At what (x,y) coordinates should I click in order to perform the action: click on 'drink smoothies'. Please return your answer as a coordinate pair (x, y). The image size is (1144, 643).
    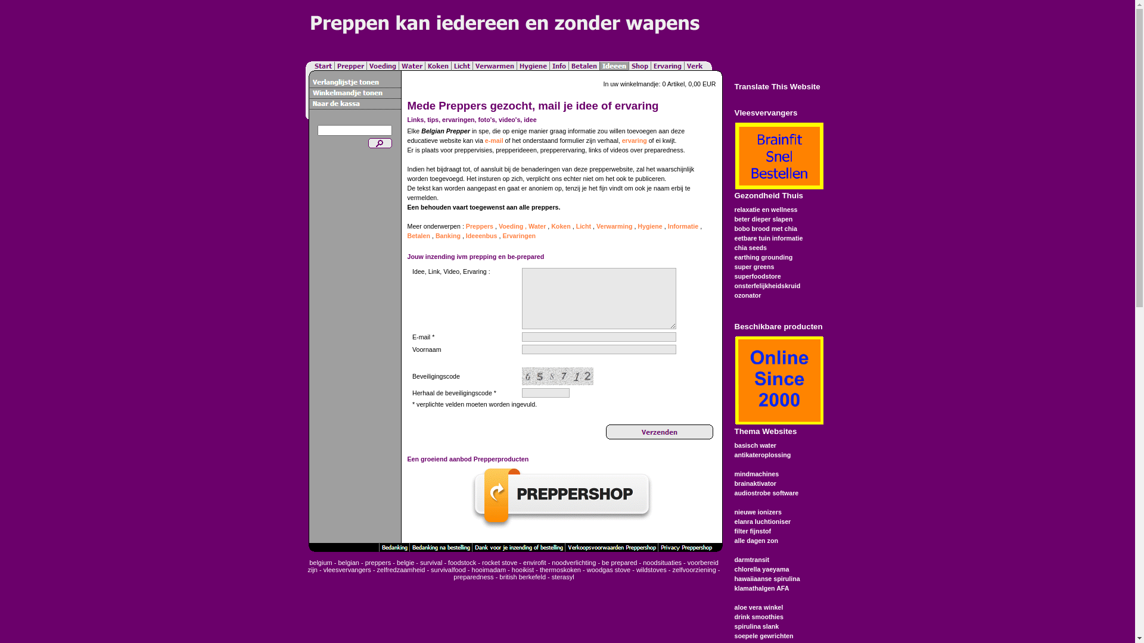
    Looking at the image, I should click on (733, 616).